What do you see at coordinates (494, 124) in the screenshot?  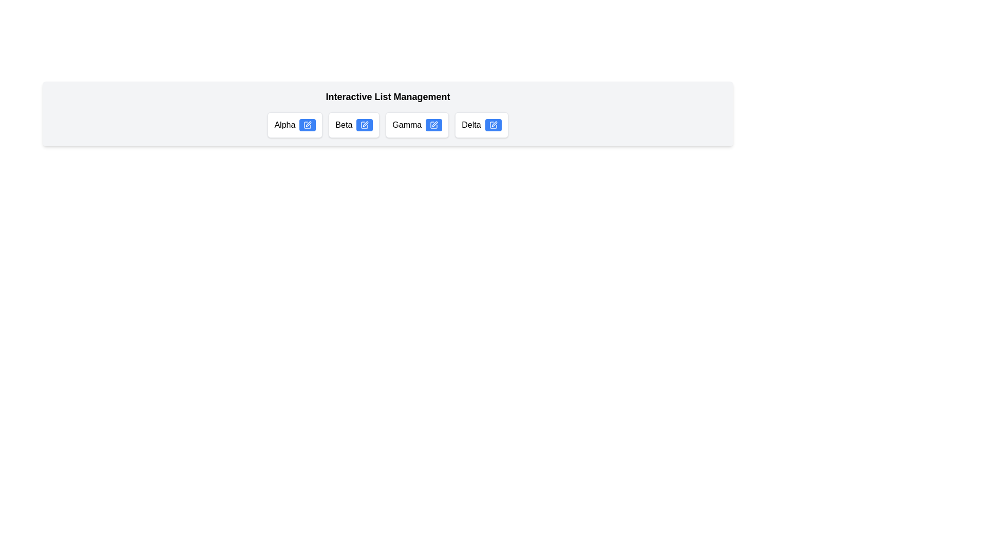 I see `the pen icon representing editing functionality, which is part of the 'Delta' button located on the rightmost side among the buttons labeled 'Alpha,' 'Beta,' 'Gamma,' and 'Delta'` at bounding box center [494, 124].